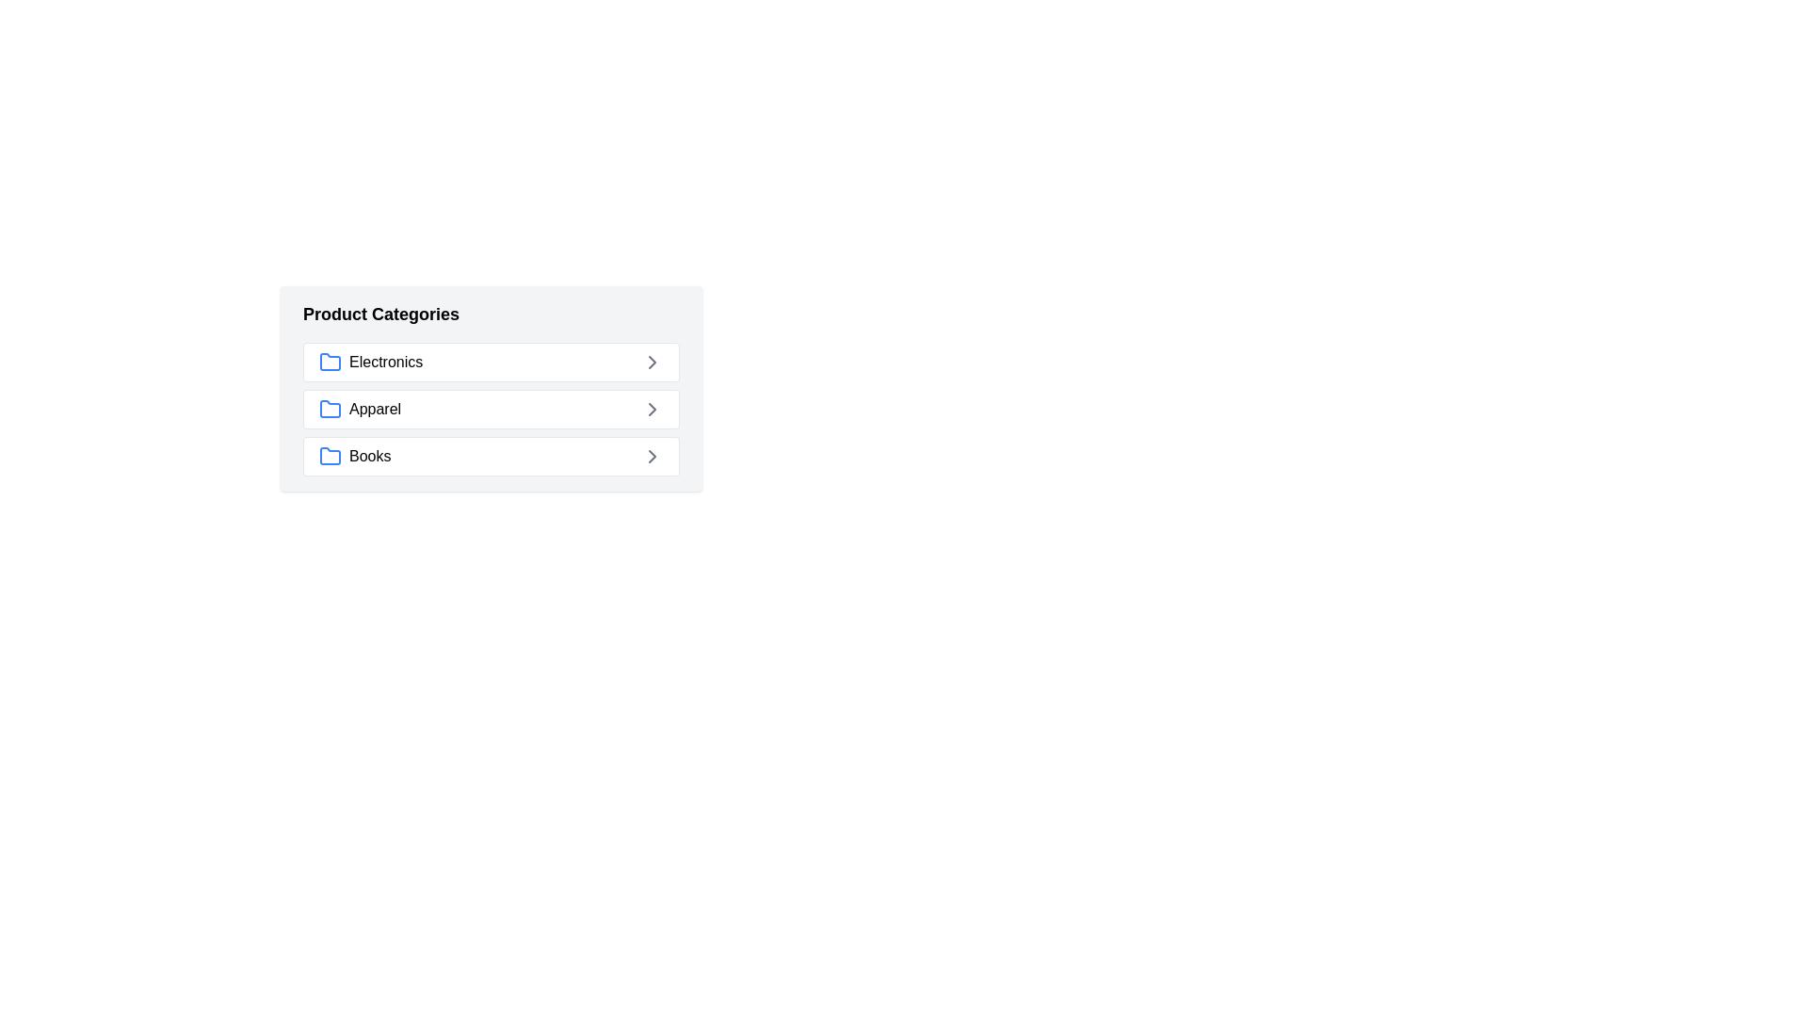 The width and height of the screenshot is (1808, 1017). Describe the element at coordinates (492, 409) in the screenshot. I see `the second item in the 'Product Categories' list, which is the 'Apparel' category` at that location.